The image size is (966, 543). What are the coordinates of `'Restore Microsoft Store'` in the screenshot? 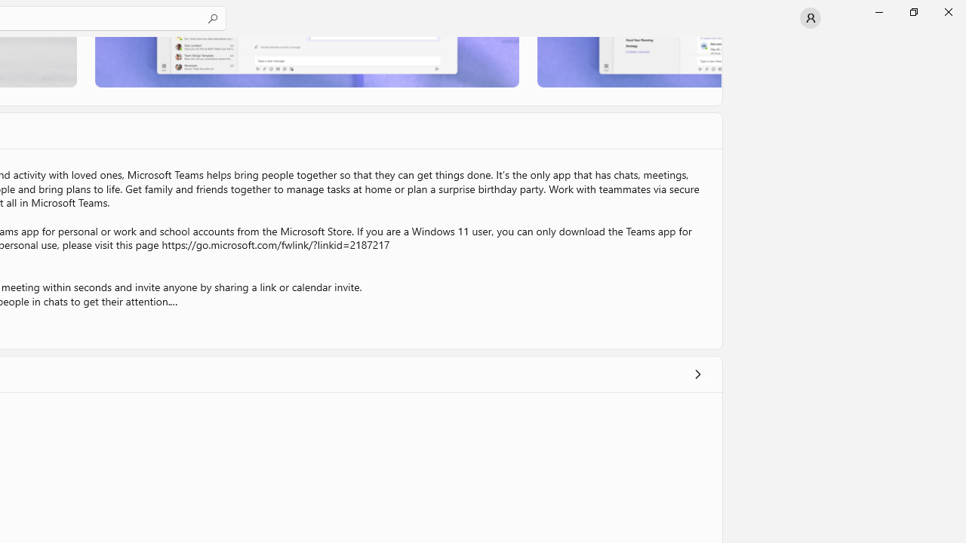 It's located at (912, 11).